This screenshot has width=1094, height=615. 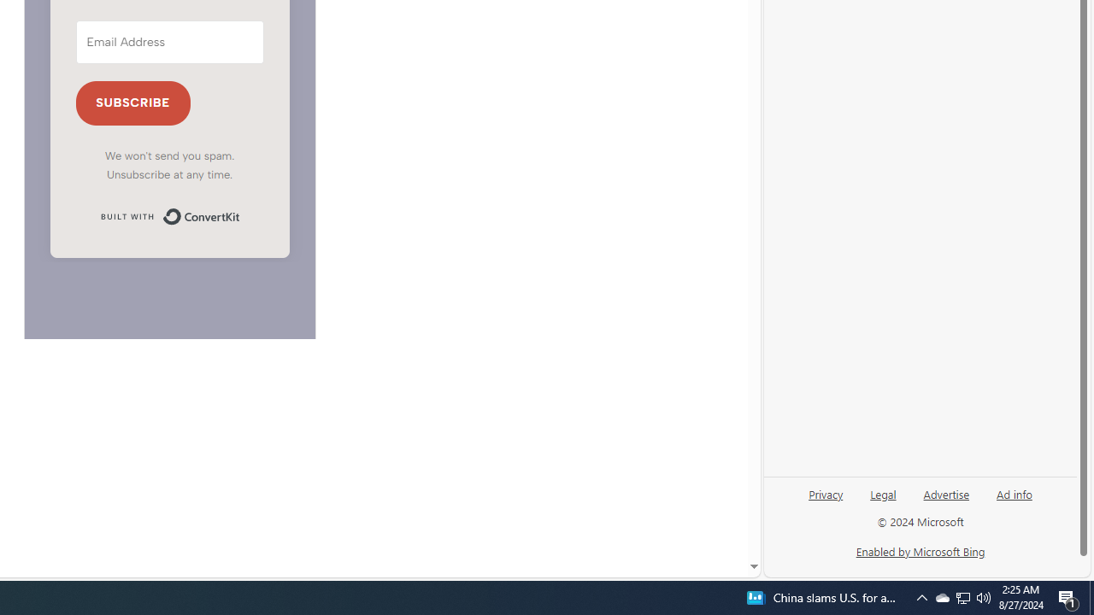 What do you see at coordinates (132, 103) in the screenshot?
I see `'SUBSCRIBE'` at bounding box center [132, 103].